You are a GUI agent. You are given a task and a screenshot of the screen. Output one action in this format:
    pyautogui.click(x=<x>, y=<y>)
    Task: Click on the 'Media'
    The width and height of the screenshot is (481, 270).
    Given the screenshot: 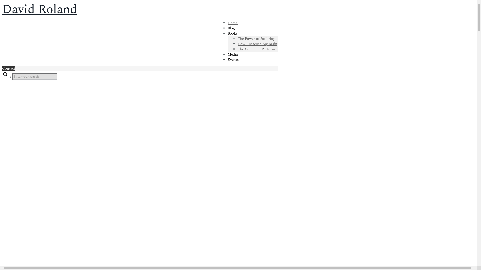 What is the action you would take?
    pyautogui.click(x=232, y=54)
    